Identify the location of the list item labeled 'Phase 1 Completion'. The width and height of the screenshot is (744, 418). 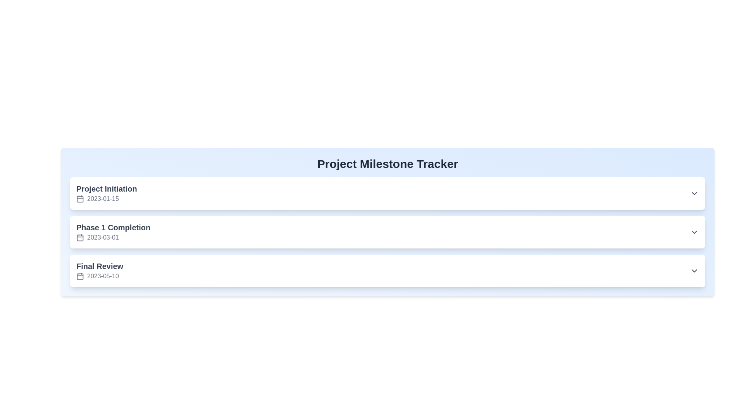
(387, 232).